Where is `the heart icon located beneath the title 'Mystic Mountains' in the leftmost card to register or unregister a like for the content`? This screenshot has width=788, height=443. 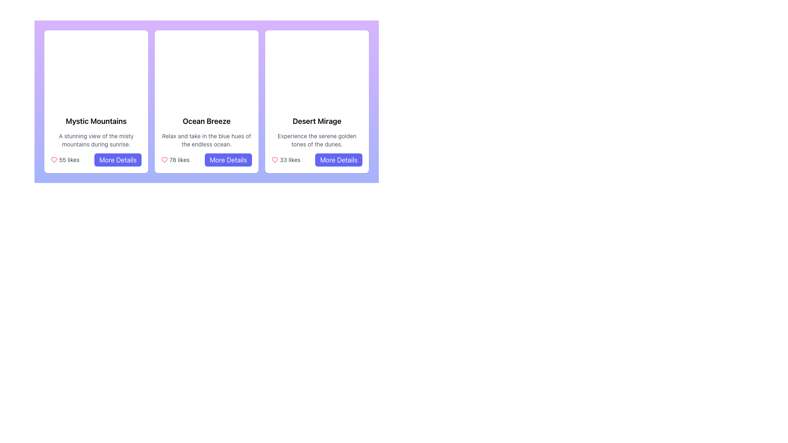 the heart icon located beneath the title 'Mystic Mountains' in the leftmost card to register or unregister a like for the content is located at coordinates (64, 160).